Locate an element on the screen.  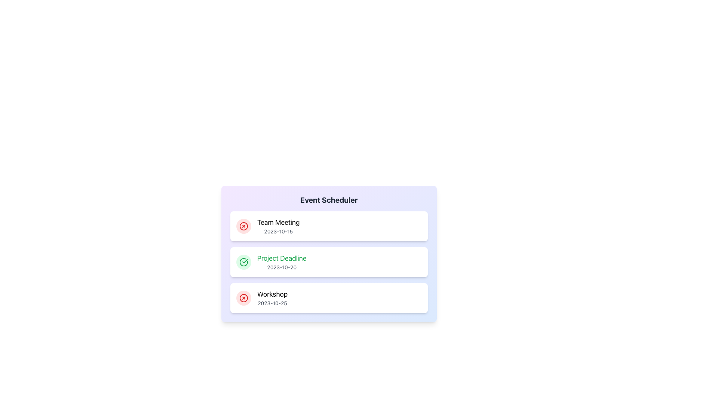
the cancellation or error state icon for the 'Team Meeting' event, located at the left side of the event card is located at coordinates (244, 226).